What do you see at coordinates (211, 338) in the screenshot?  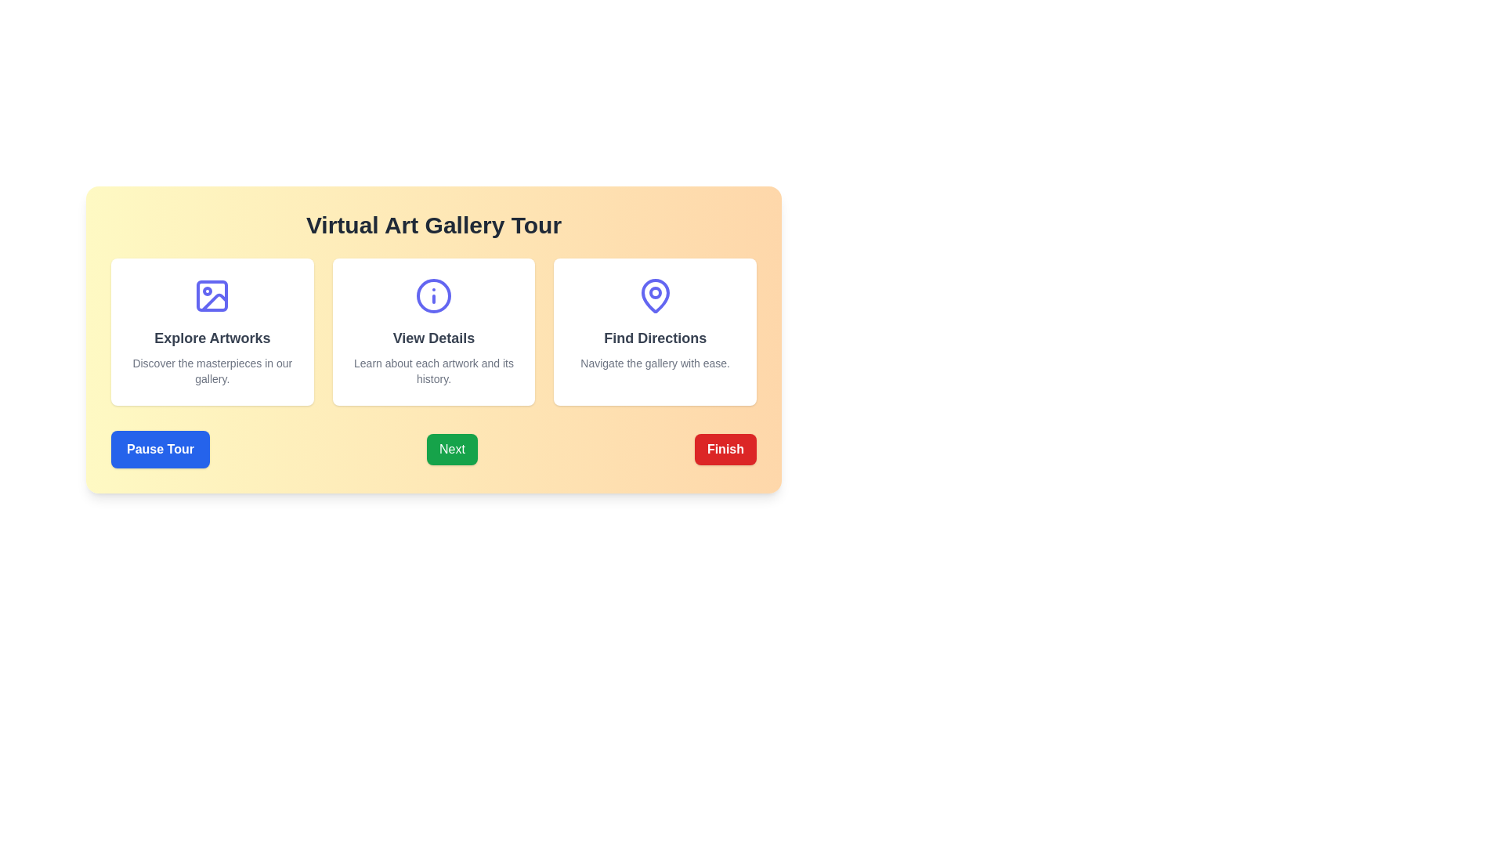 I see `text displayed in the label element that says 'Explore Artworks', which is styled with a large, bold font and centered alignment` at bounding box center [211, 338].